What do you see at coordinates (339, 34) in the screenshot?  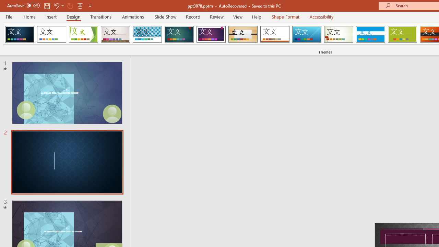 I see `'Wisp'` at bounding box center [339, 34].